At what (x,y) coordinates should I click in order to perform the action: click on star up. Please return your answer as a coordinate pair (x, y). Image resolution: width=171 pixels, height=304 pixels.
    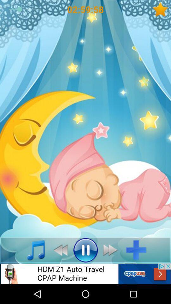
    Looking at the image, I should click on (161, 9).